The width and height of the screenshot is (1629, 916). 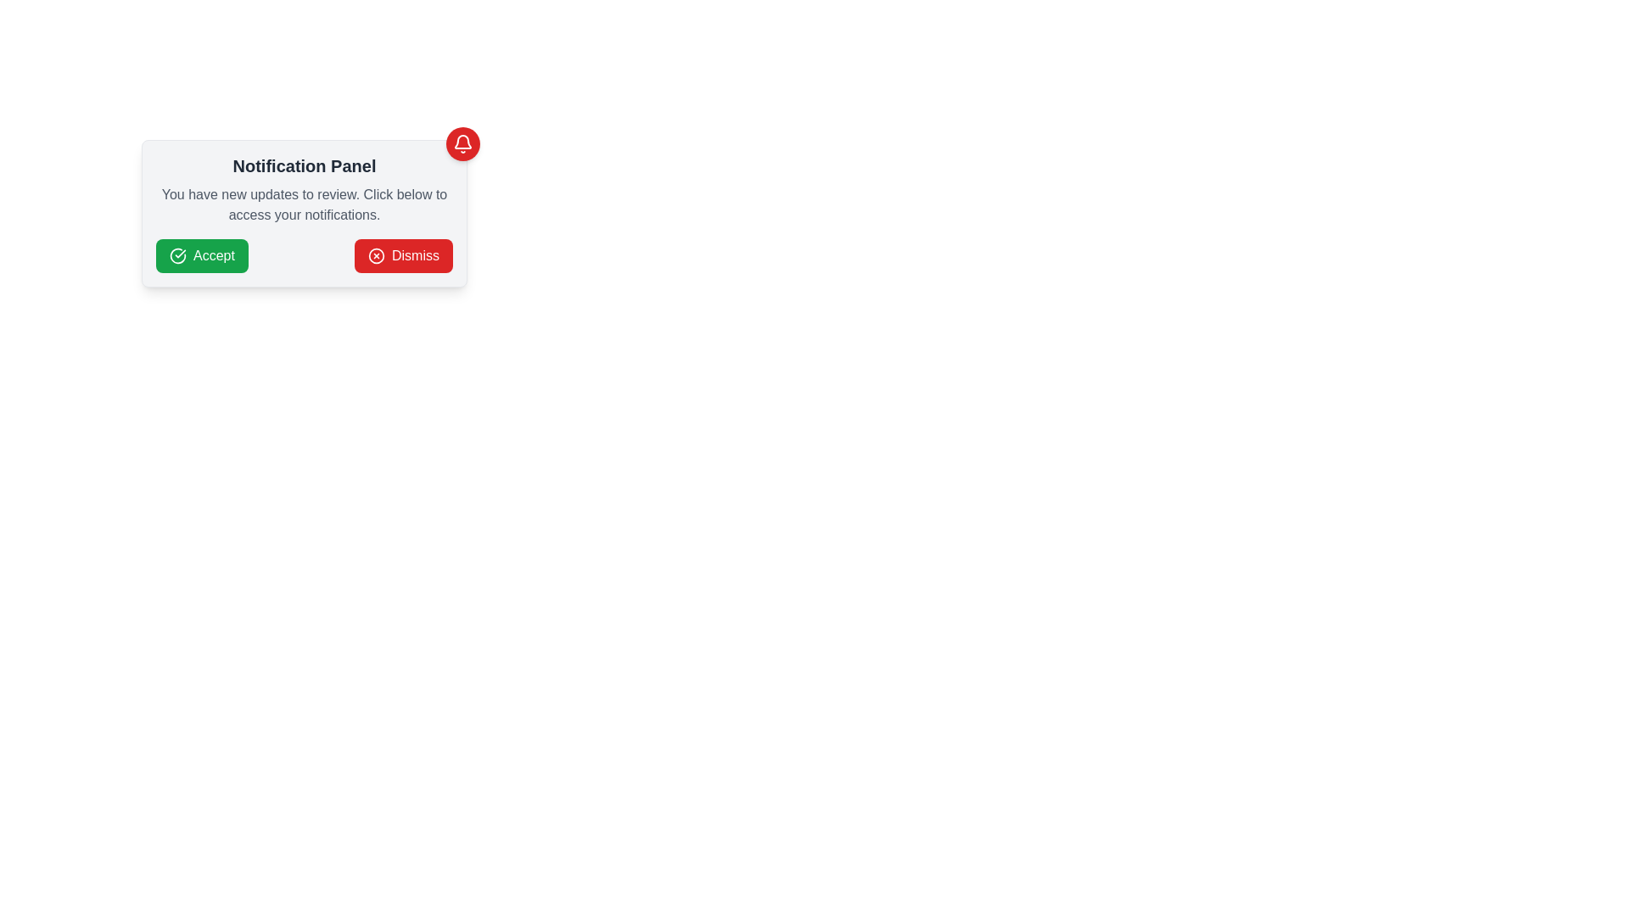 I want to click on the small red circular Notification badge with a white bell icon located at the top-right corner of the notification panel, so click(x=463, y=142).